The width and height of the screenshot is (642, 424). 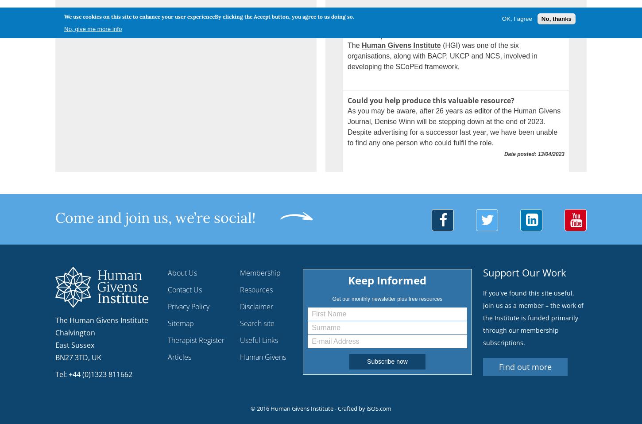 I want to click on 'Could you help produce this valuable resource?', so click(x=431, y=100).